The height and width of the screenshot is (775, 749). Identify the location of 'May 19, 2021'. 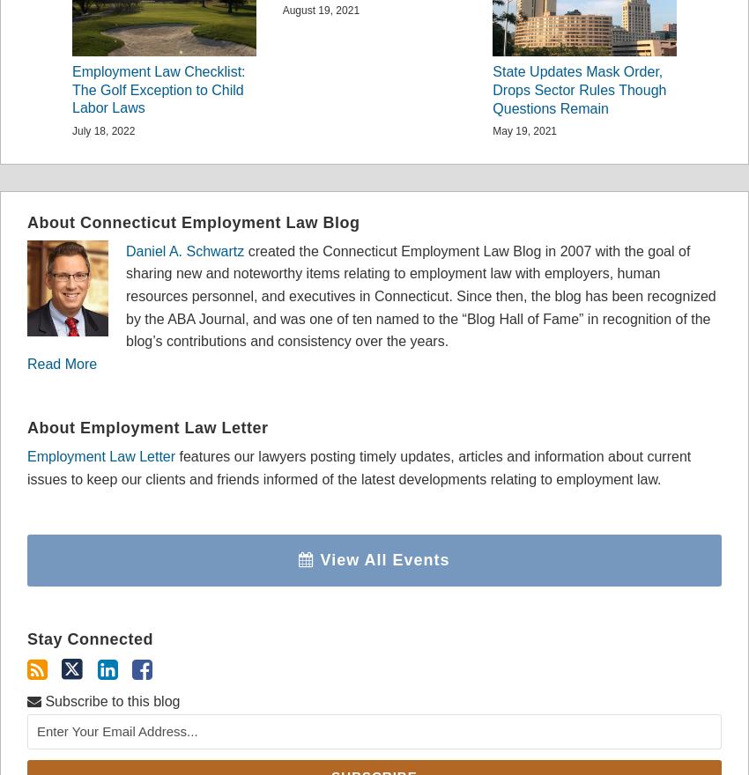
(492, 129).